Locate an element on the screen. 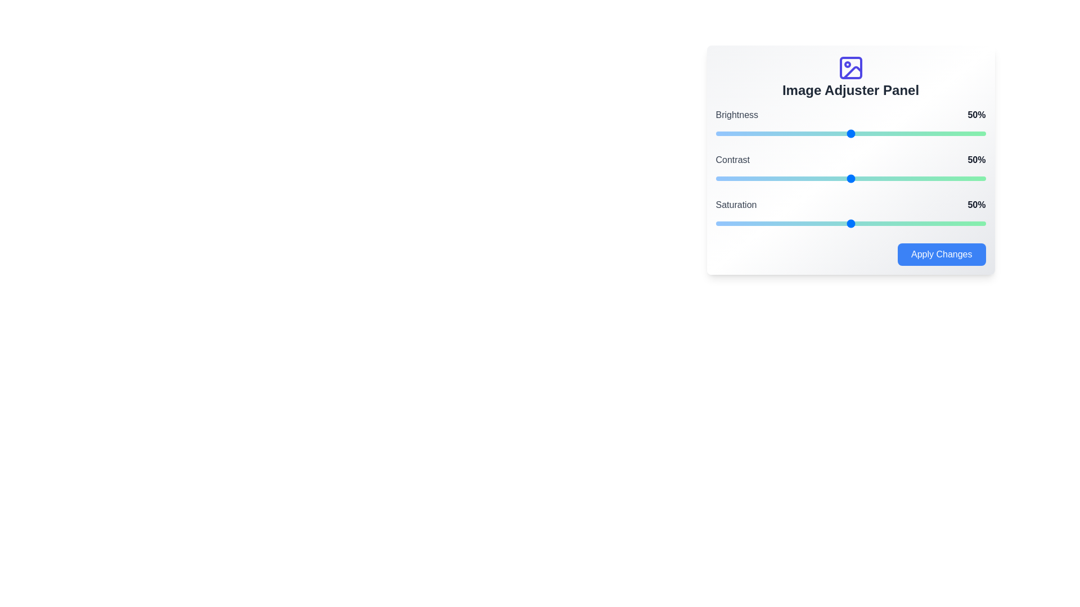 This screenshot has height=607, width=1080. the brightness slider to 14% is located at coordinates (753, 133).